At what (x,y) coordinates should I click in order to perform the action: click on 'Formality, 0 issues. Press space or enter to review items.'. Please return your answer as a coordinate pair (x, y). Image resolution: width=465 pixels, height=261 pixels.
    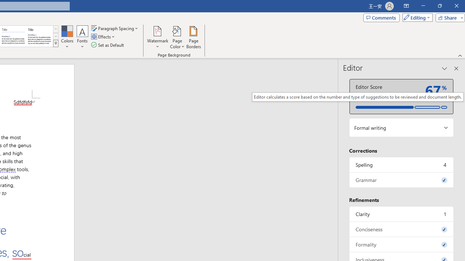
    Looking at the image, I should click on (401, 244).